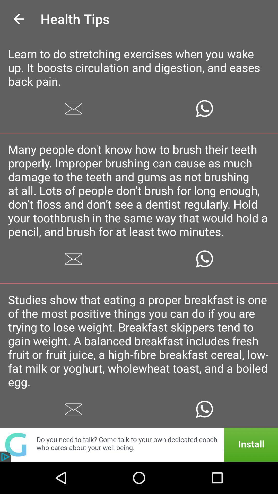 Image resolution: width=278 pixels, height=494 pixels. What do you see at coordinates (139, 190) in the screenshot?
I see `the many people don at the center` at bounding box center [139, 190].